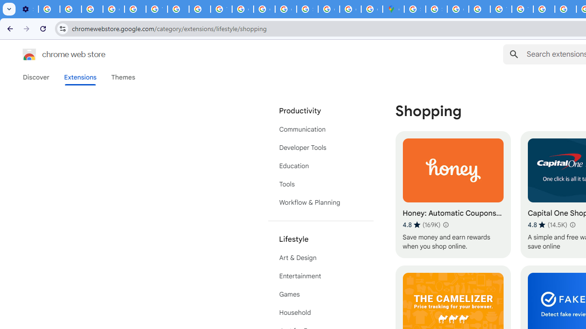  What do you see at coordinates (123, 77) in the screenshot?
I see `'Themes'` at bounding box center [123, 77].